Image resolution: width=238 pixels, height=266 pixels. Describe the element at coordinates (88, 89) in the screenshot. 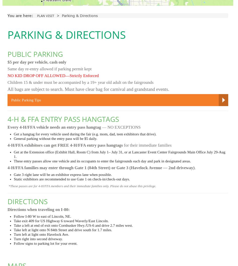

I see `'All bags are subject to search. Must have clear bag for carnival and grandstand events.'` at that location.